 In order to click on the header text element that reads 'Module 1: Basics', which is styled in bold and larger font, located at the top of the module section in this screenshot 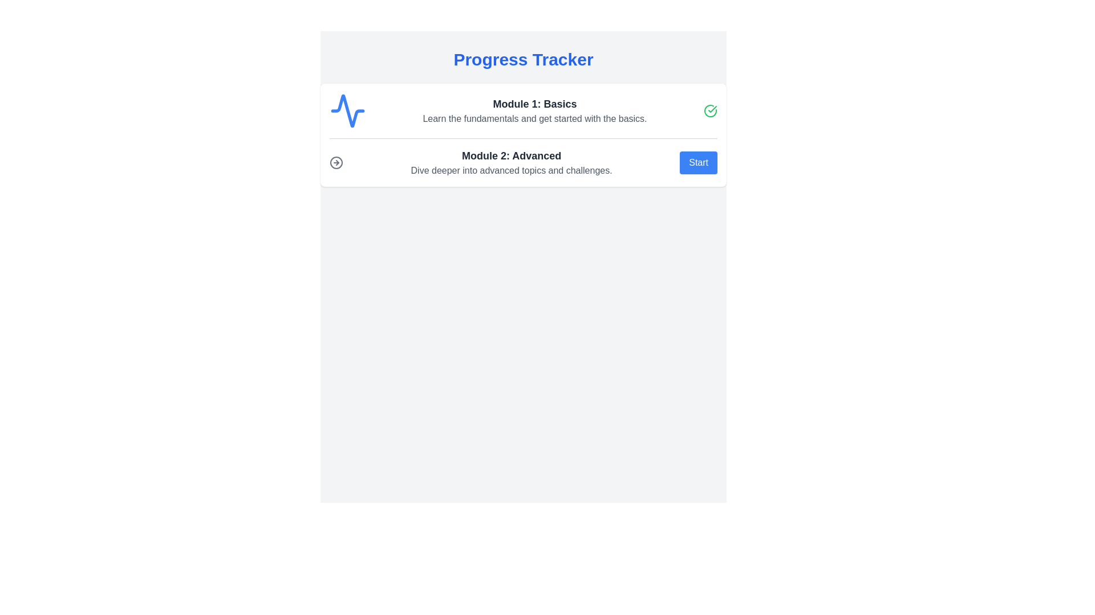, I will do `click(534, 104)`.